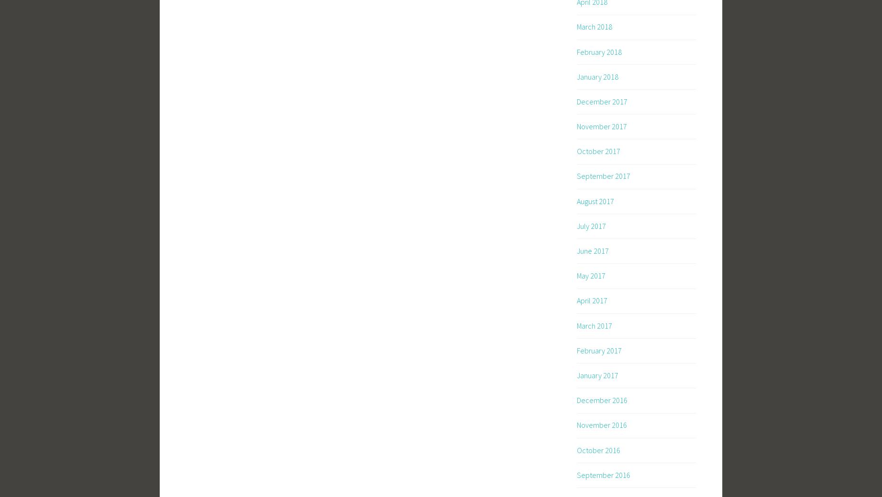  What do you see at coordinates (598, 449) in the screenshot?
I see `'October 2016'` at bounding box center [598, 449].